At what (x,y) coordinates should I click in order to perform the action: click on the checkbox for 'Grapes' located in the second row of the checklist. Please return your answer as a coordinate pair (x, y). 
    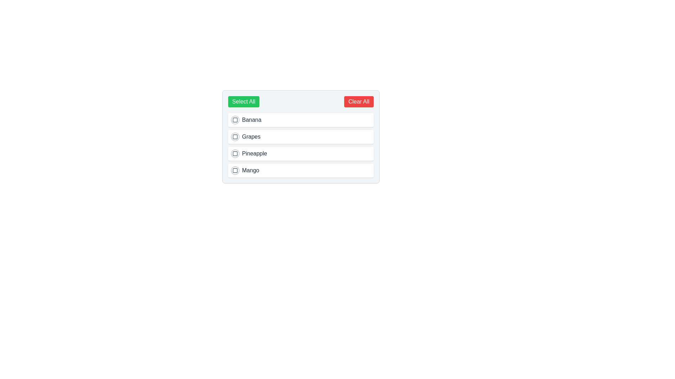
    Looking at the image, I should click on (235, 137).